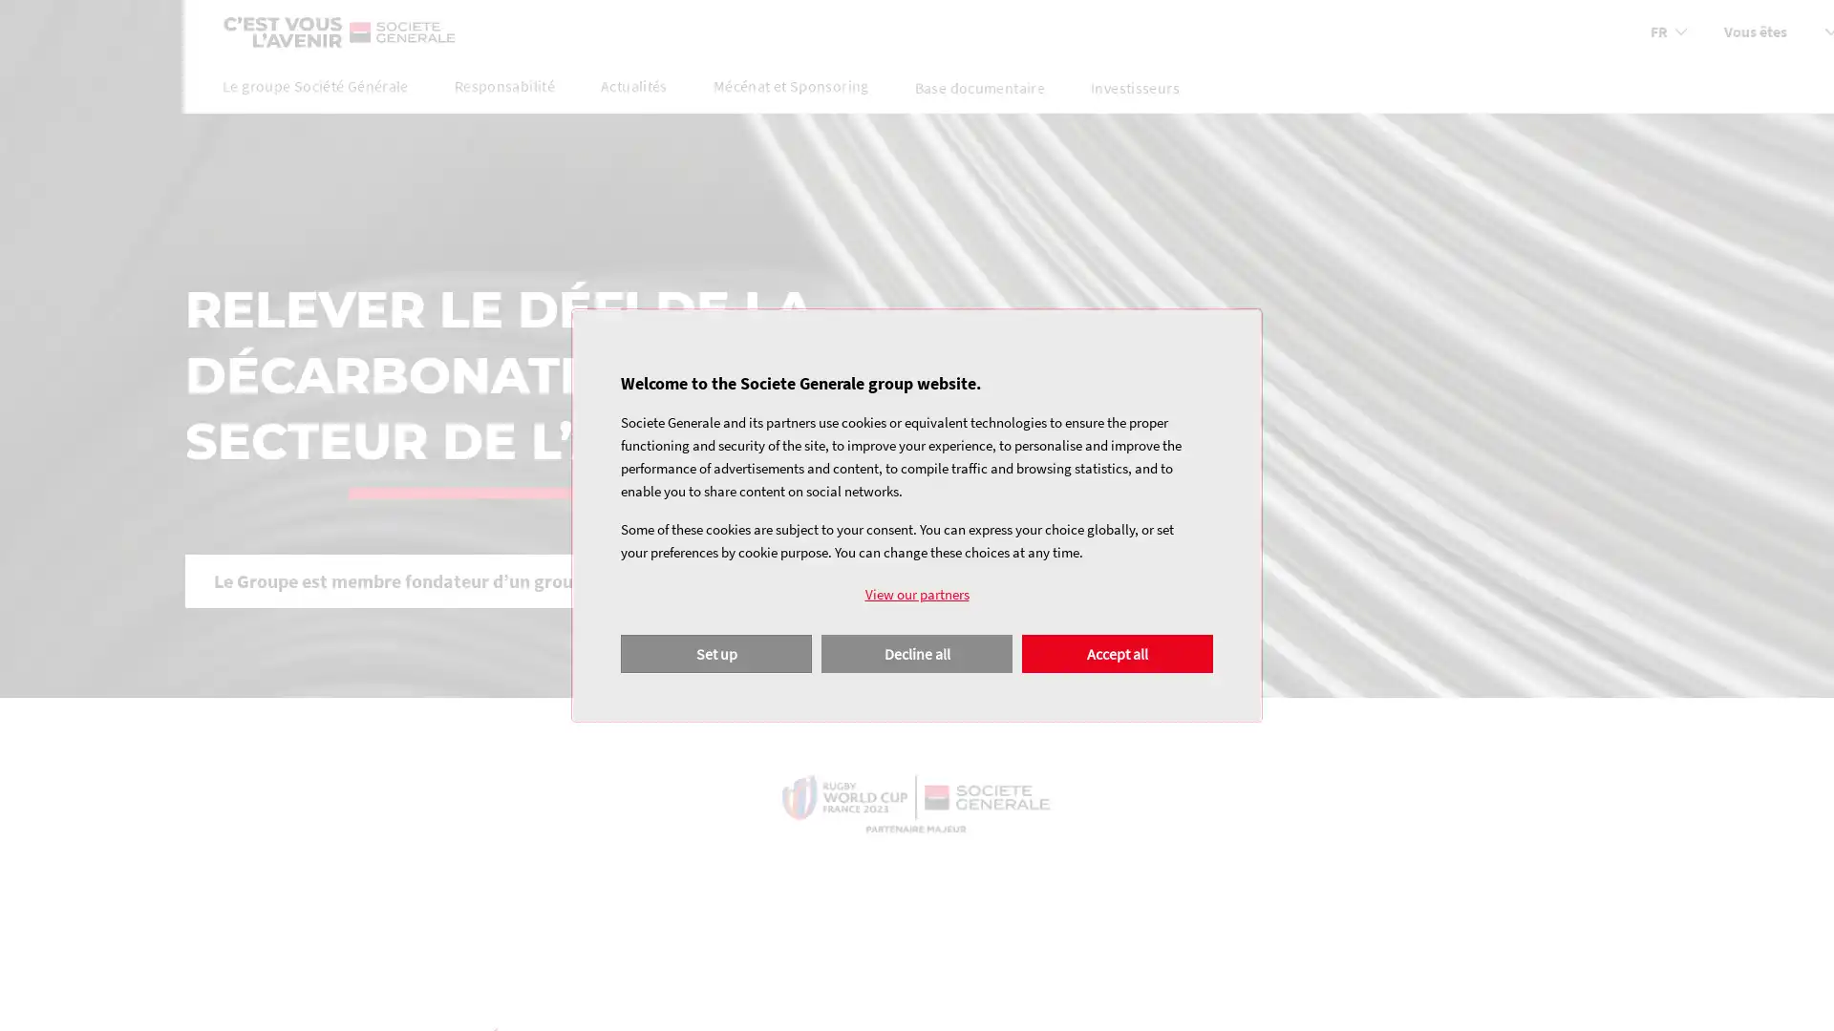 This screenshot has height=1031, width=1834. What do you see at coordinates (1300, 107) in the screenshot?
I see `Chosir la langue de la page` at bounding box center [1300, 107].